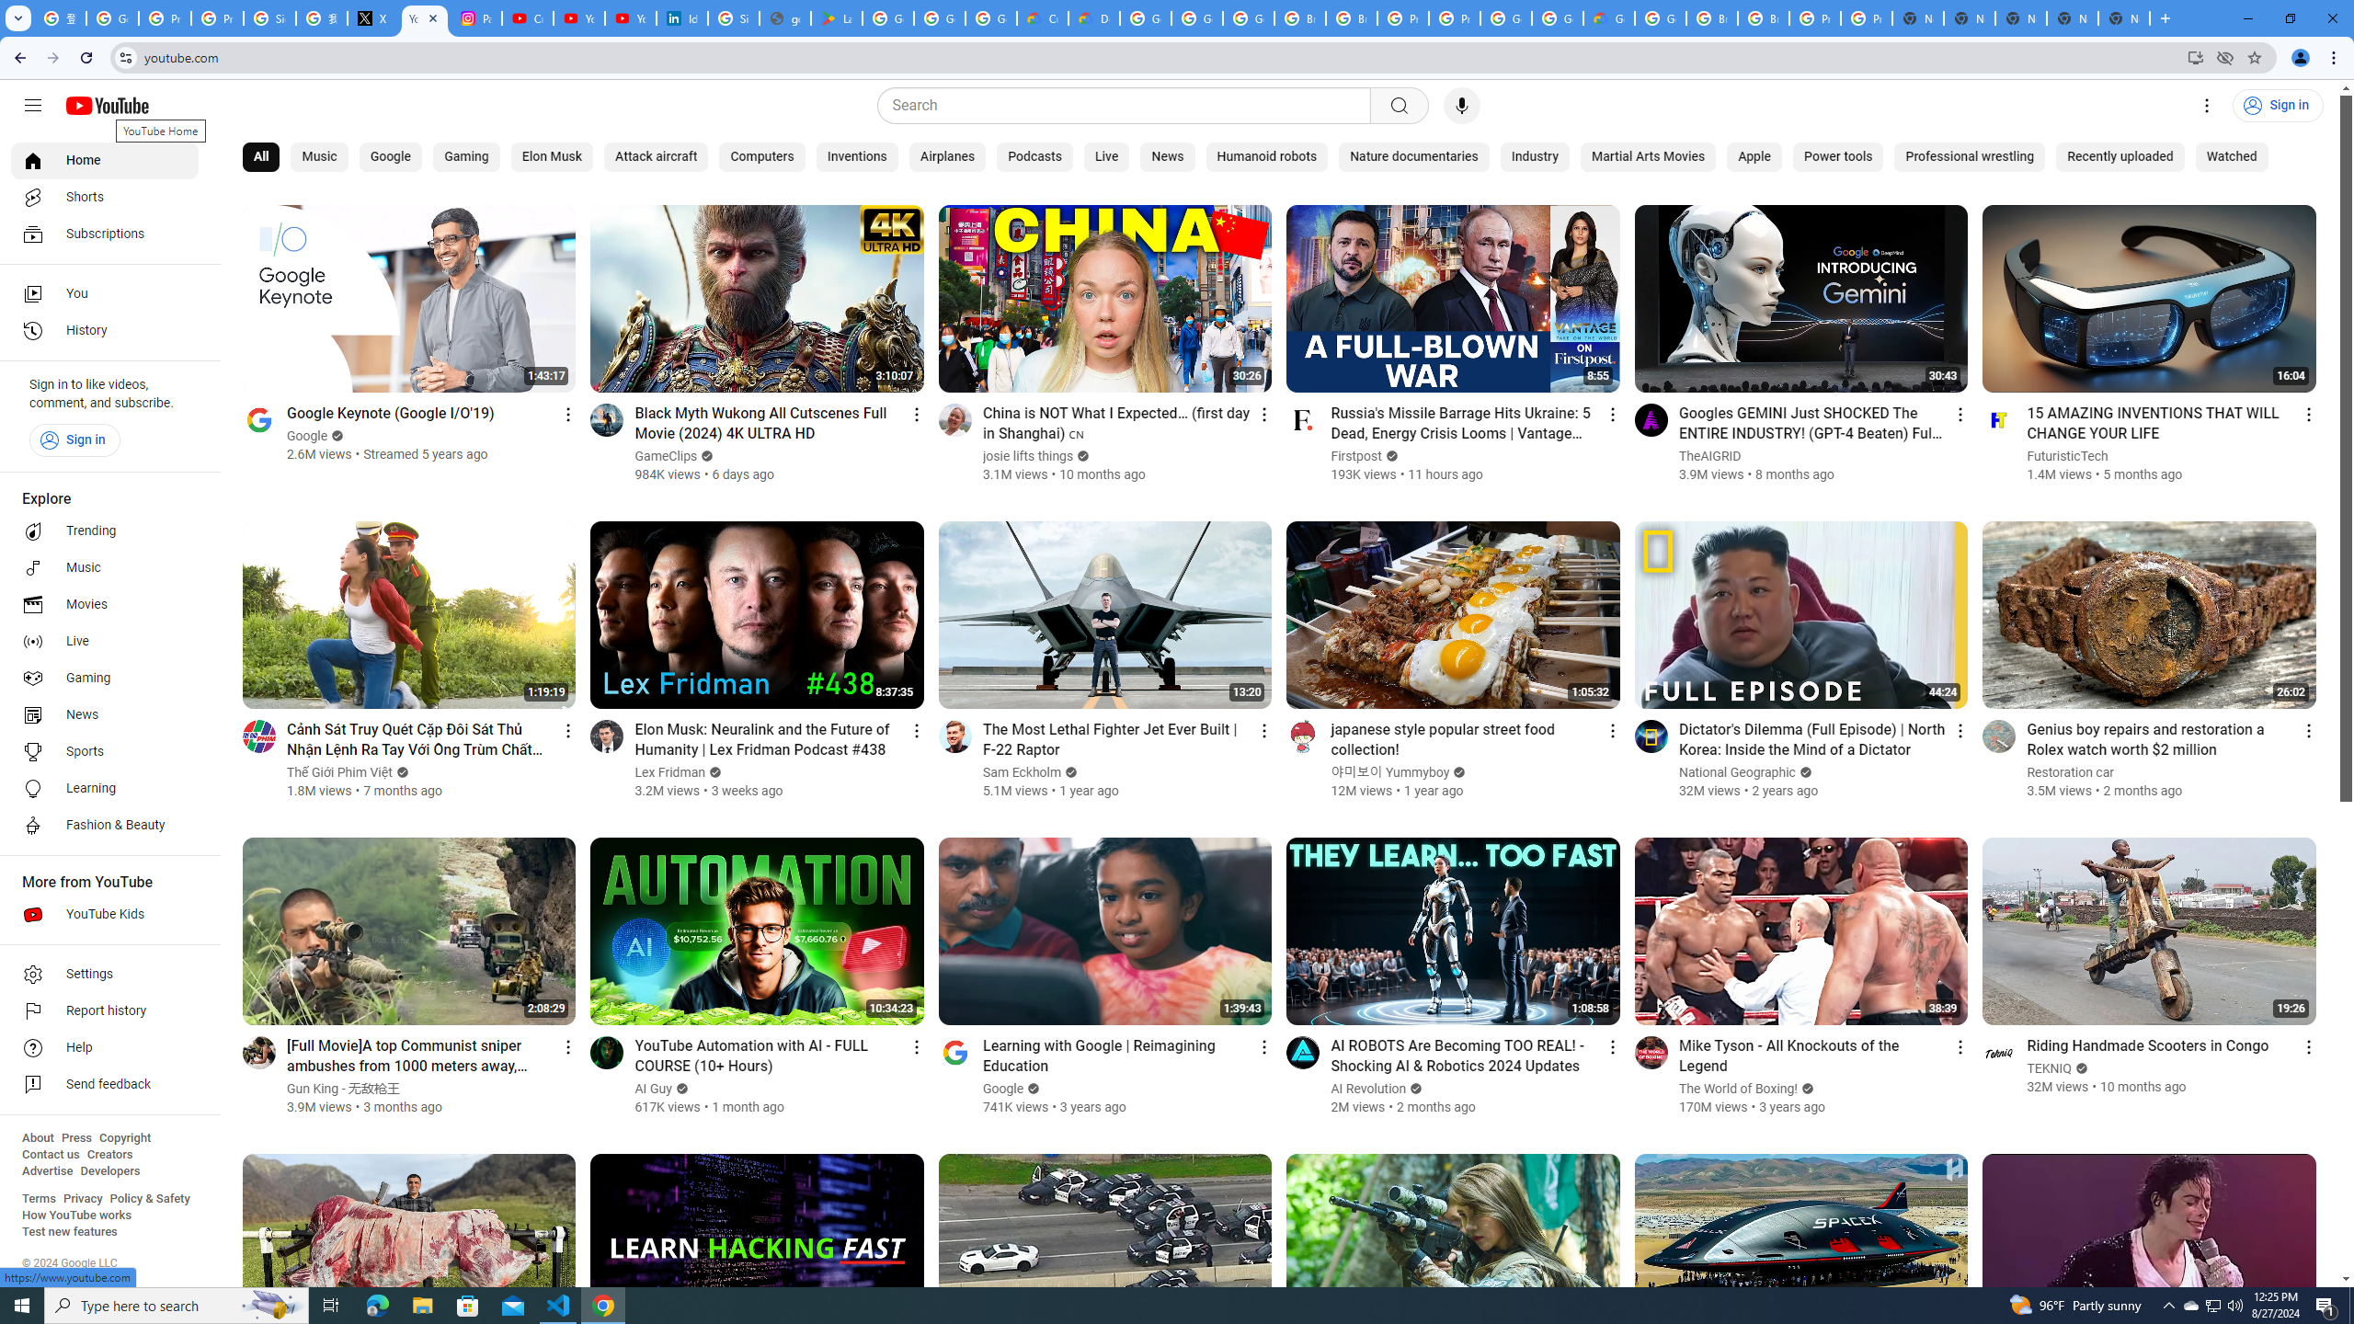 The height and width of the screenshot is (1324, 2354). Describe the element at coordinates (2124, 17) in the screenshot. I see `'New Tab'` at that location.